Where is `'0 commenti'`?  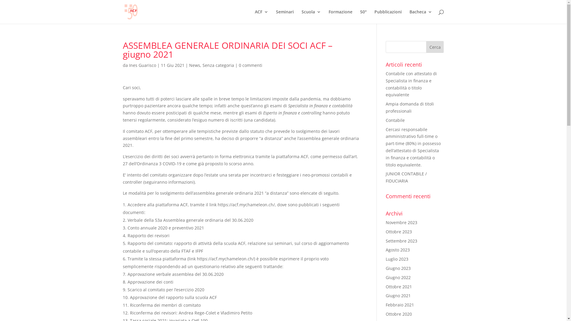 '0 commenti' is located at coordinates (250, 65).